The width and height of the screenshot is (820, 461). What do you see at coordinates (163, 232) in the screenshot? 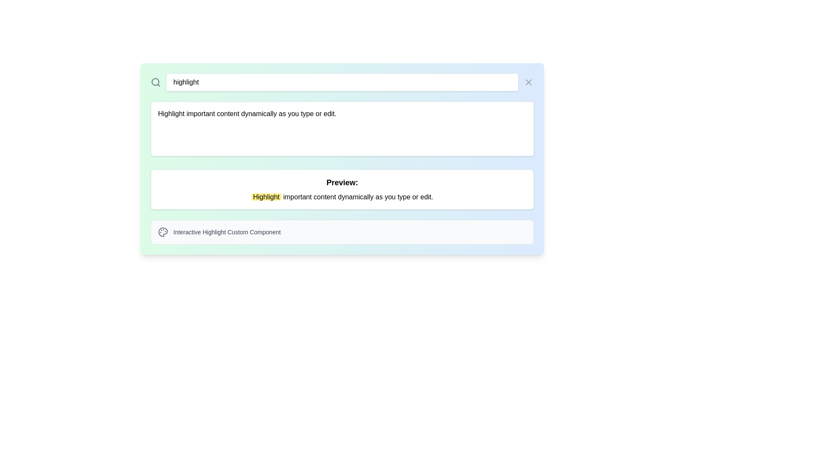
I see `the painter's palette icon located to the left of the text 'Interactive Highlight Custom Component' in the bottom section of the interface` at bounding box center [163, 232].